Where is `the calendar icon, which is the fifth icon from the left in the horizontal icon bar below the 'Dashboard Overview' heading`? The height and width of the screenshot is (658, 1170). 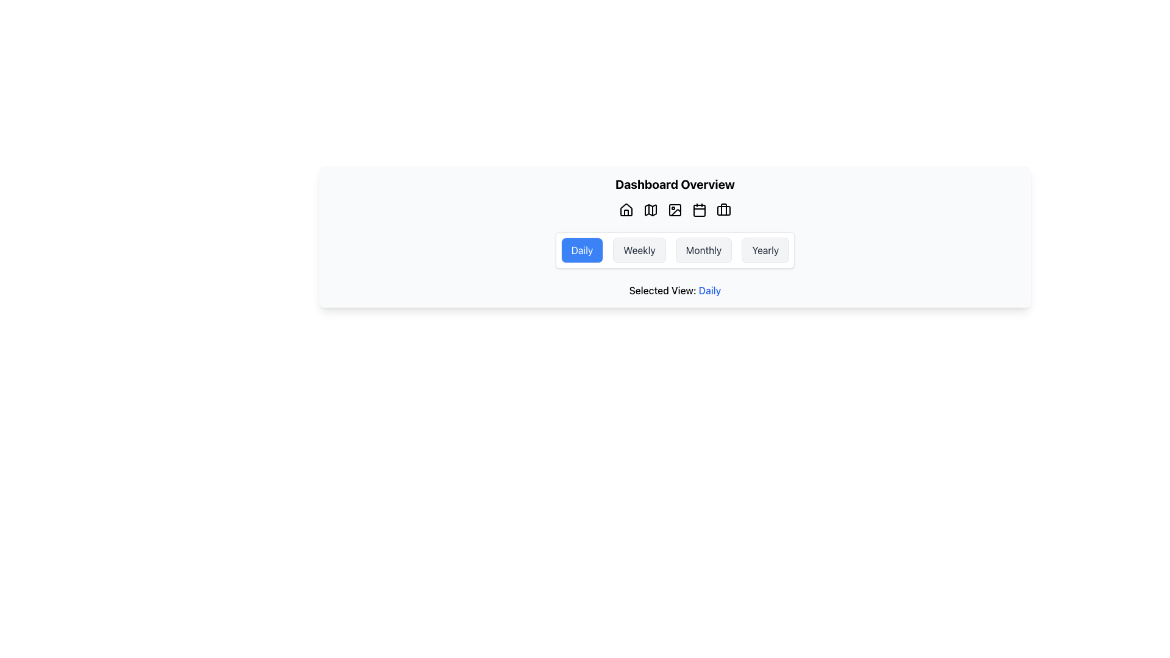
the calendar icon, which is the fifth icon from the left in the horizontal icon bar below the 'Dashboard Overview' heading is located at coordinates (699, 209).